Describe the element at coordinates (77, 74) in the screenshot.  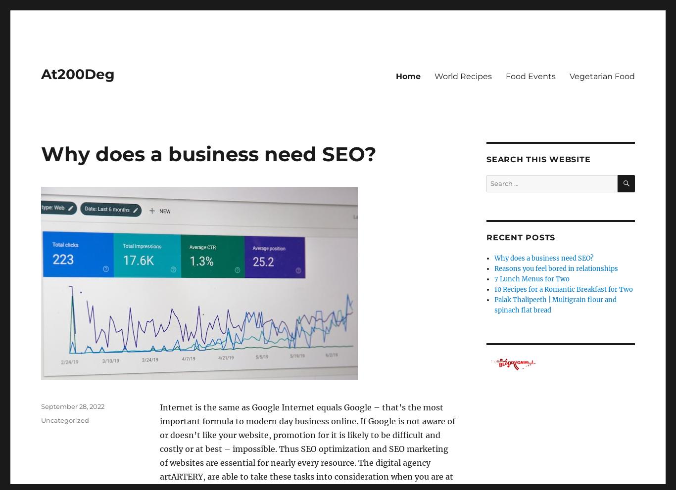
I see `'At200Deg'` at that location.